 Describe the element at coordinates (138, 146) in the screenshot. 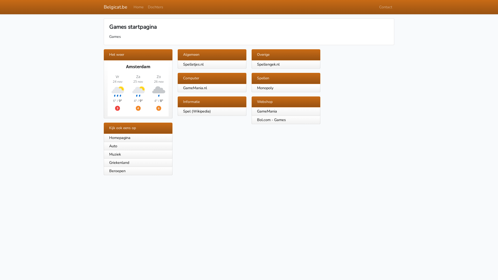

I see `'Auto'` at that location.